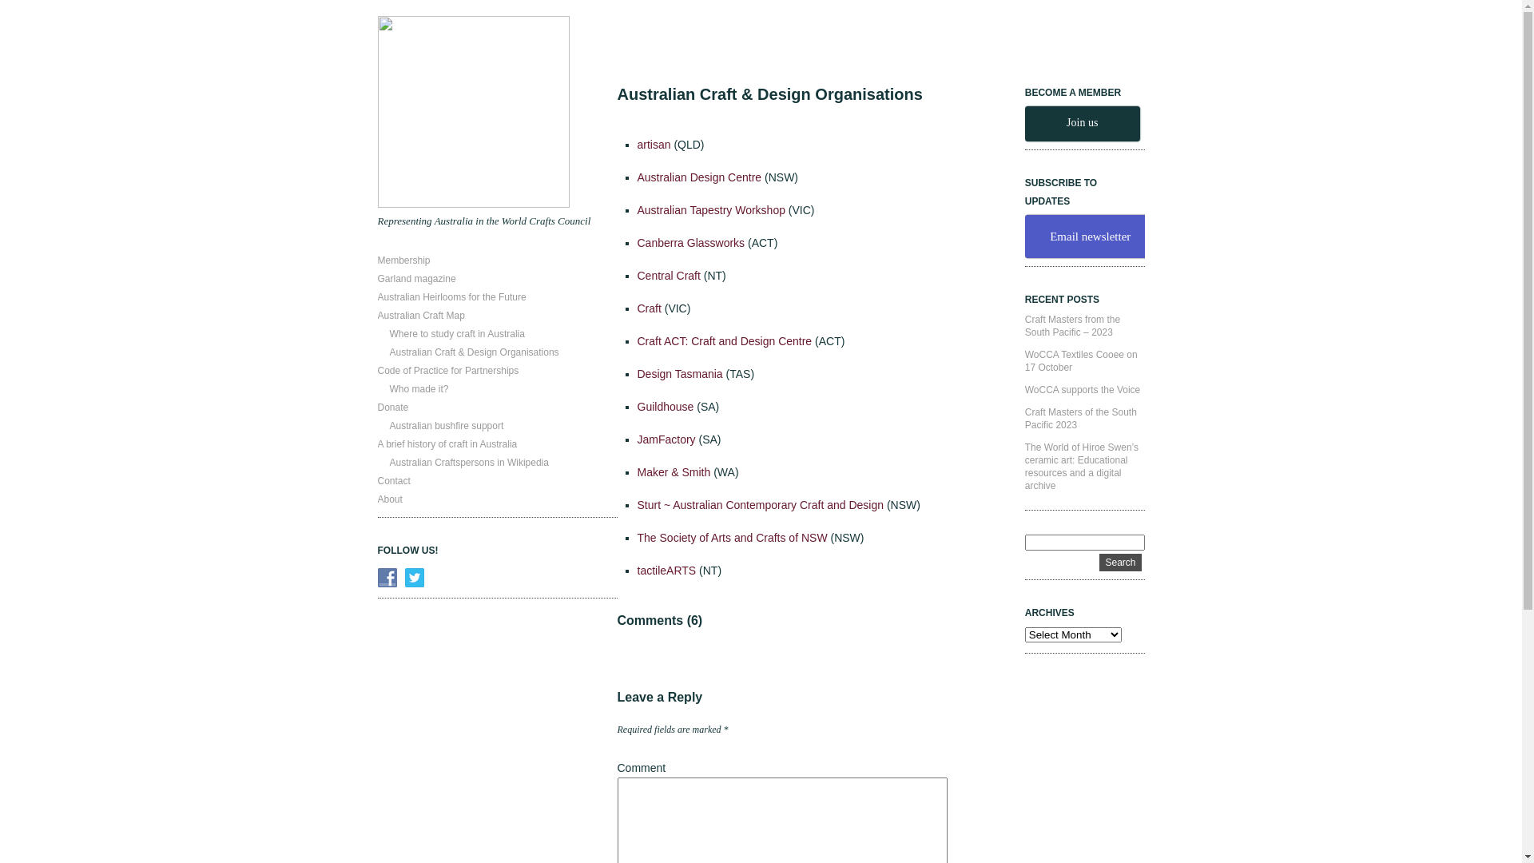 The width and height of the screenshot is (1534, 863). Describe the element at coordinates (1081, 418) in the screenshot. I see `'Craft Masters of the South Pacific 2023'` at that location.